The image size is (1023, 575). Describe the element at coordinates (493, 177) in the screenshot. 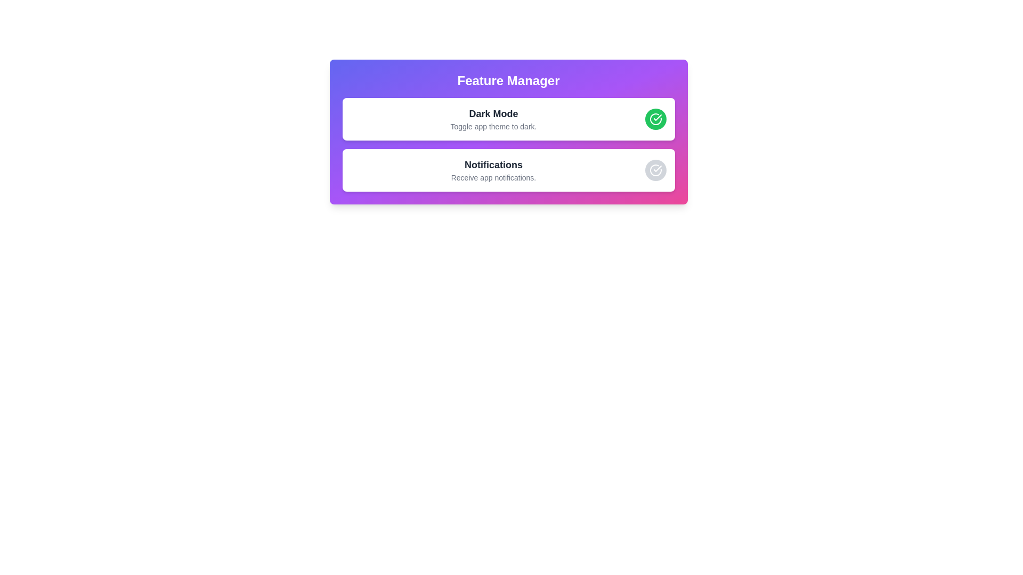

I see `the text label that says 'Receive app notifications.' which is styled in light gray and located below the title 'Notifications.'` at that location.